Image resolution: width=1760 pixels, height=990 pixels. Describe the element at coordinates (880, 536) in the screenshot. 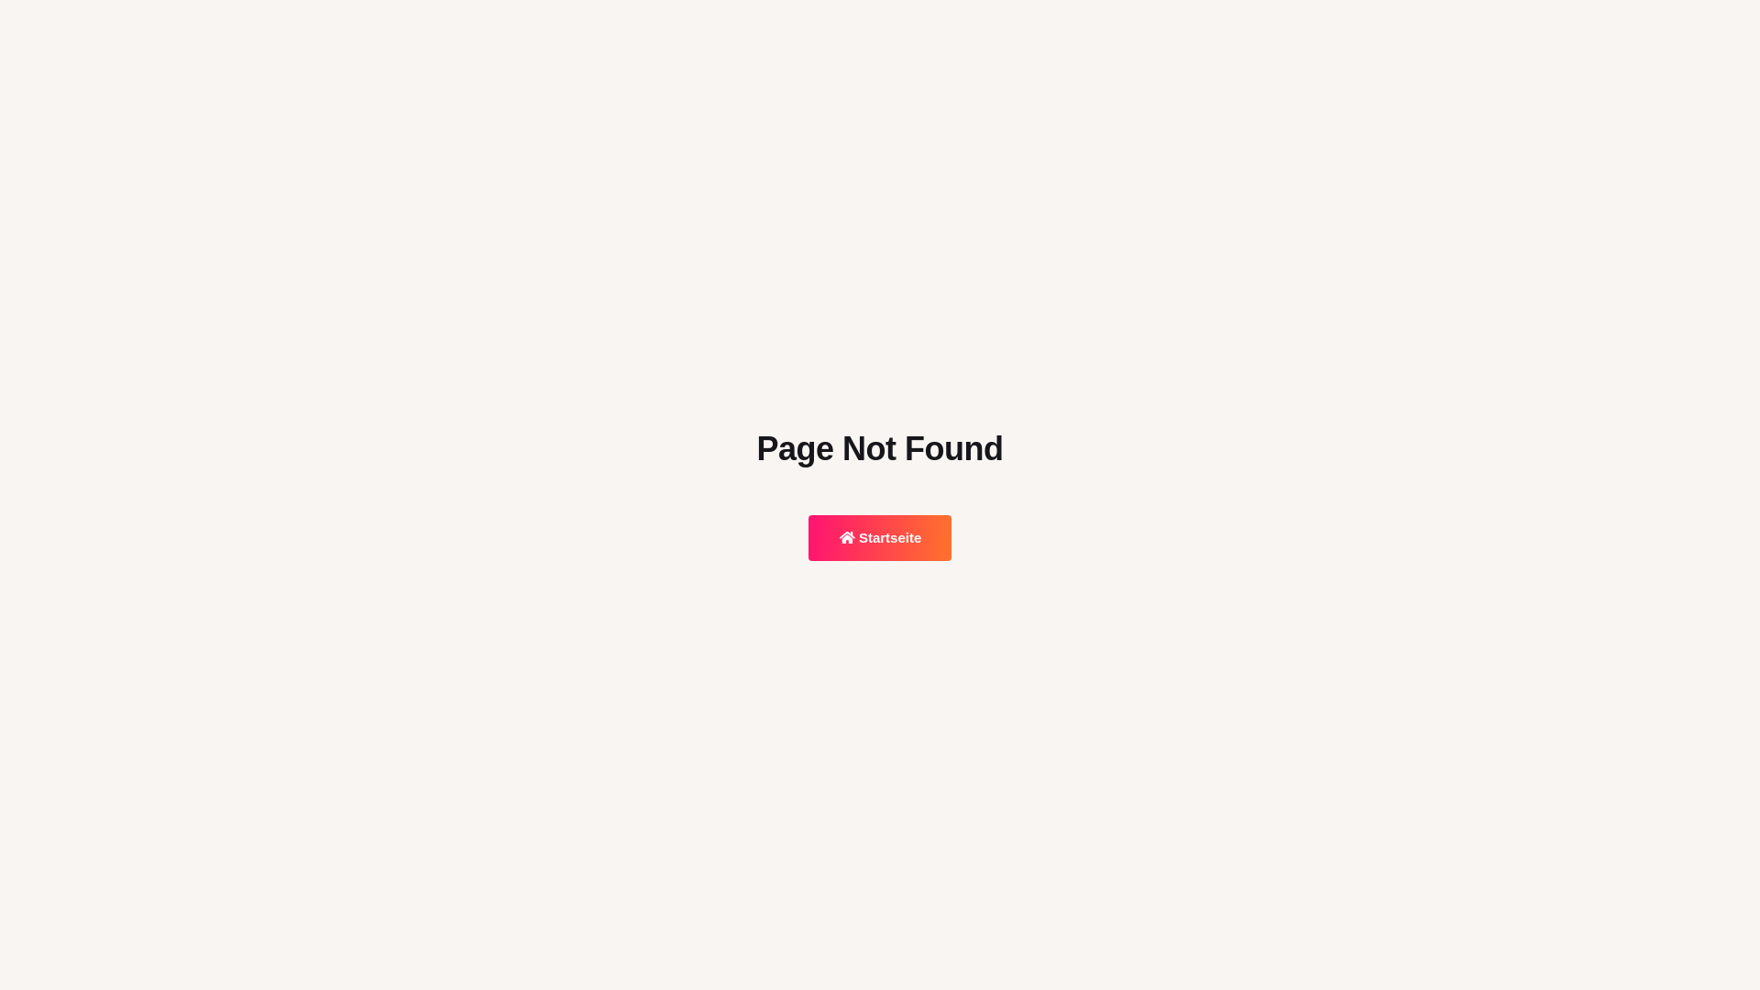

I see `'Startseite'` at that location.